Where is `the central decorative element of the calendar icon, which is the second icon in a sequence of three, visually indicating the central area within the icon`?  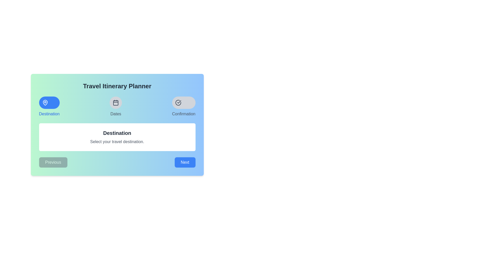
the central decorative element of the calendar icon, which is the second icon in a sequence of three, visually indicating the central area within the icon is located at coordinates (116, 103).